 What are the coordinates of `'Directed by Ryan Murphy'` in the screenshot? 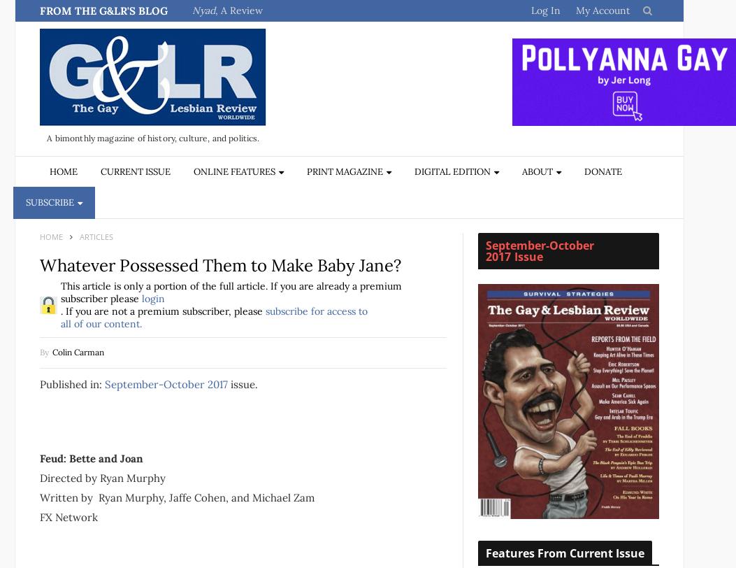 It's located at (101, 477).